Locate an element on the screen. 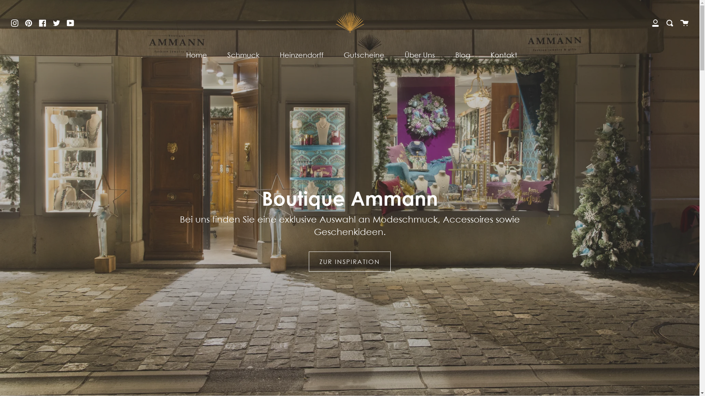 The height and width of the screenshot is (396, 705). 'Suchen' is located at coordinates (670, 22).